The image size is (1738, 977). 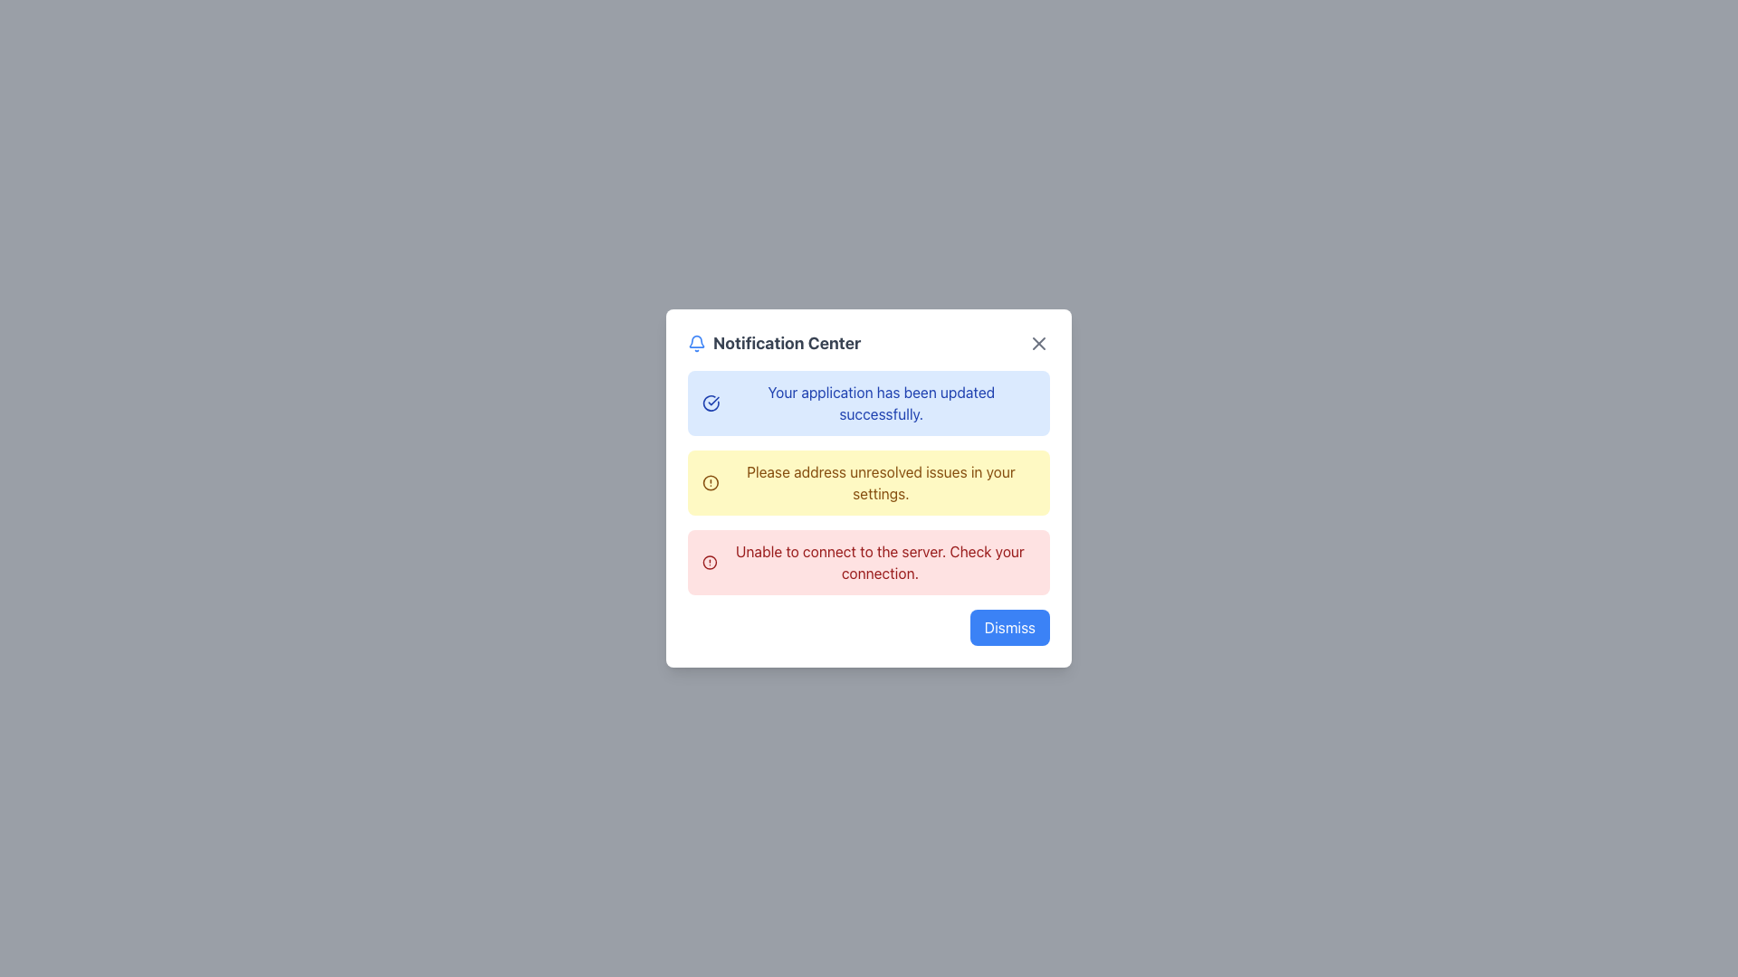 What do you see at coordinates (1038, 344) in the screenshot?
I see `the Close Button located in the top-right corner of the notification modal` at bounding box center [1038, 344].